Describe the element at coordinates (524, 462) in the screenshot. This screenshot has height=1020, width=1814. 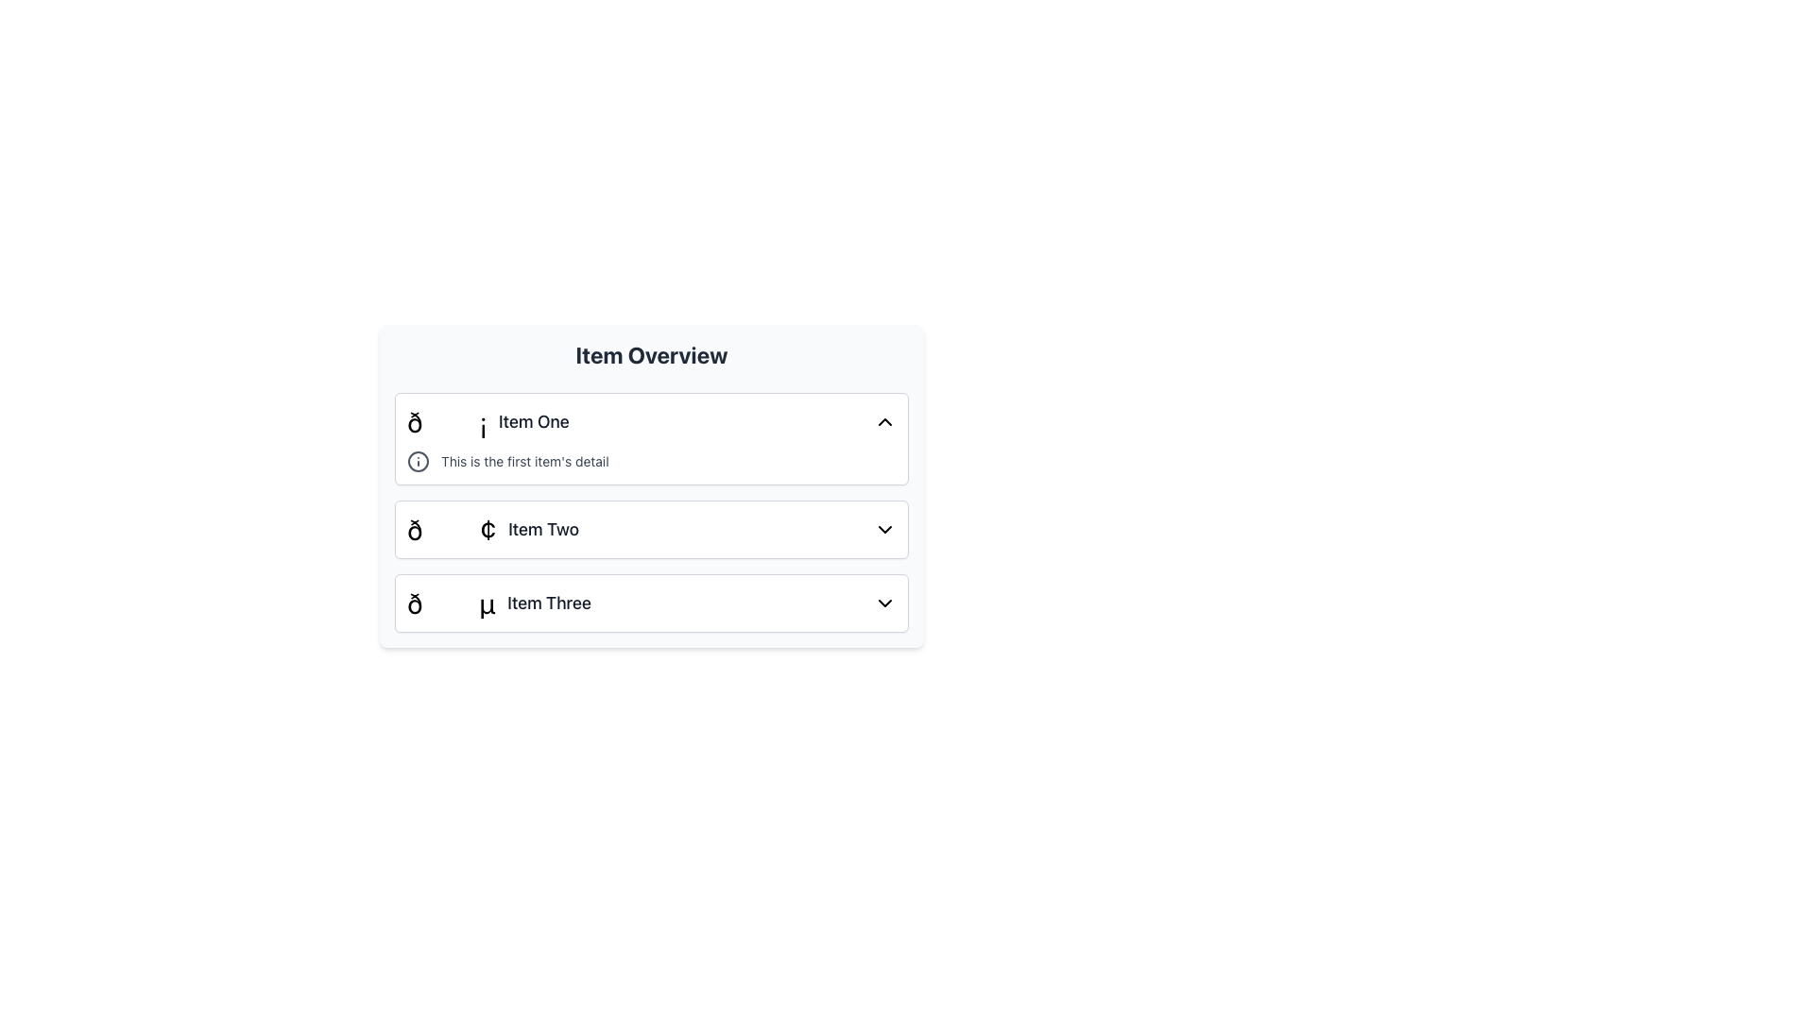
I see `the Text Label that provides descriptive information about the first item in the list, located under the 'Item One' heading and above the entries for Item Two and Item Three` at that location.